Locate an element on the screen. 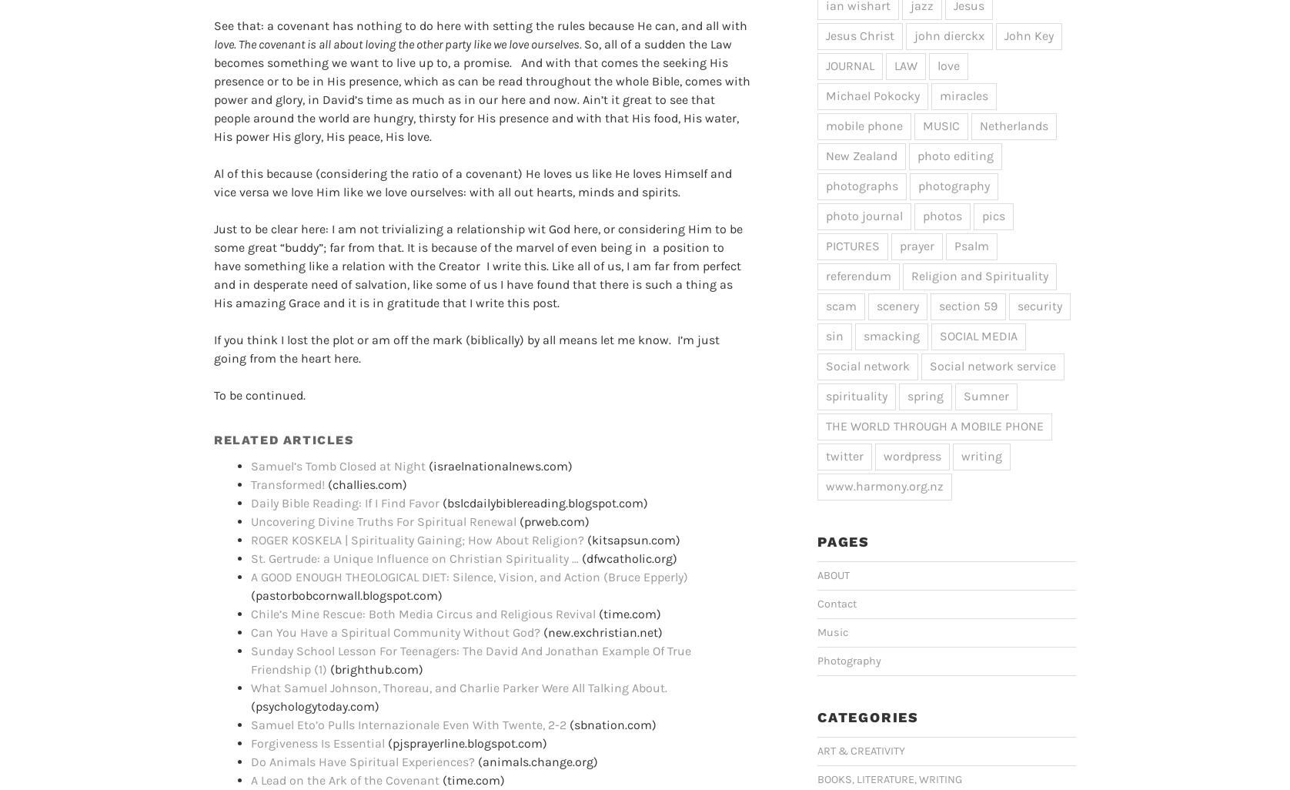  'love' is located at coordinates (936, 64).